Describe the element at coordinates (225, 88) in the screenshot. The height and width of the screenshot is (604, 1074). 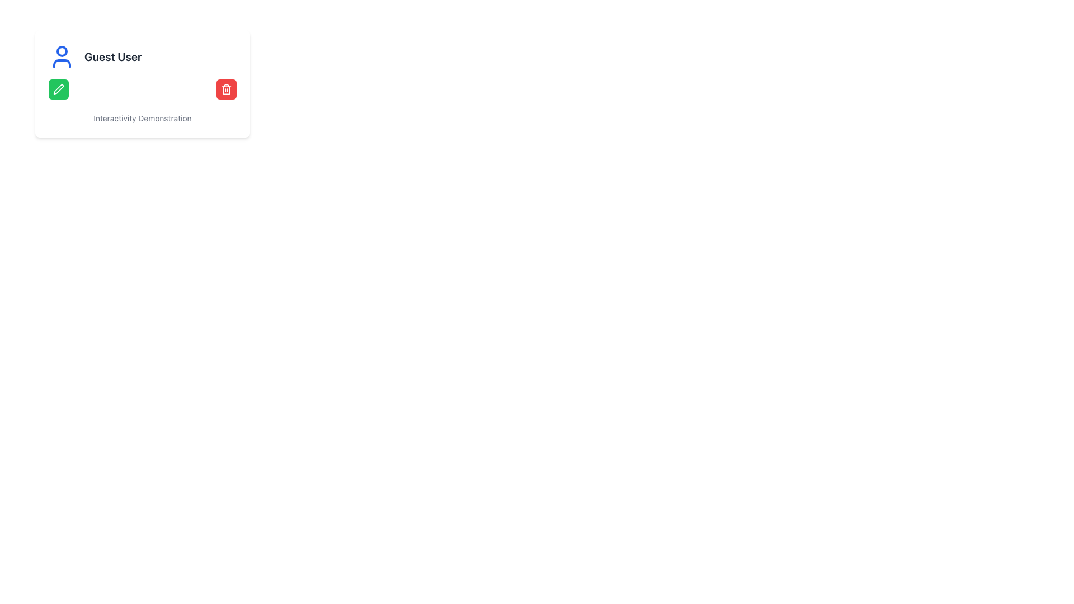
I see `the Trash Bin icon located at the rightmost position within the card component` at that location.